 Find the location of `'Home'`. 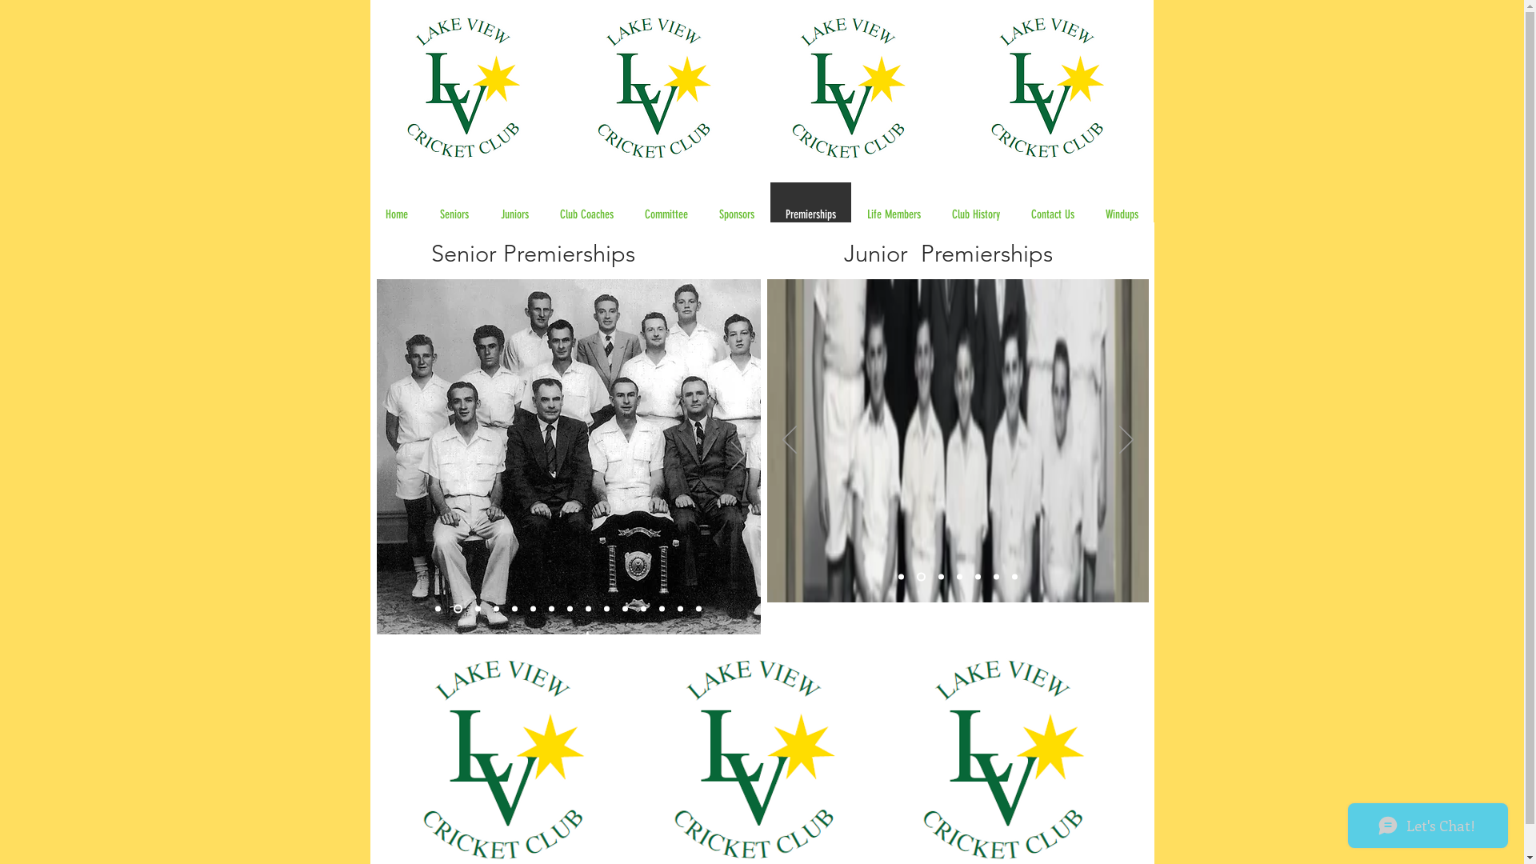

'Home' is located at coordinates (396, 214).